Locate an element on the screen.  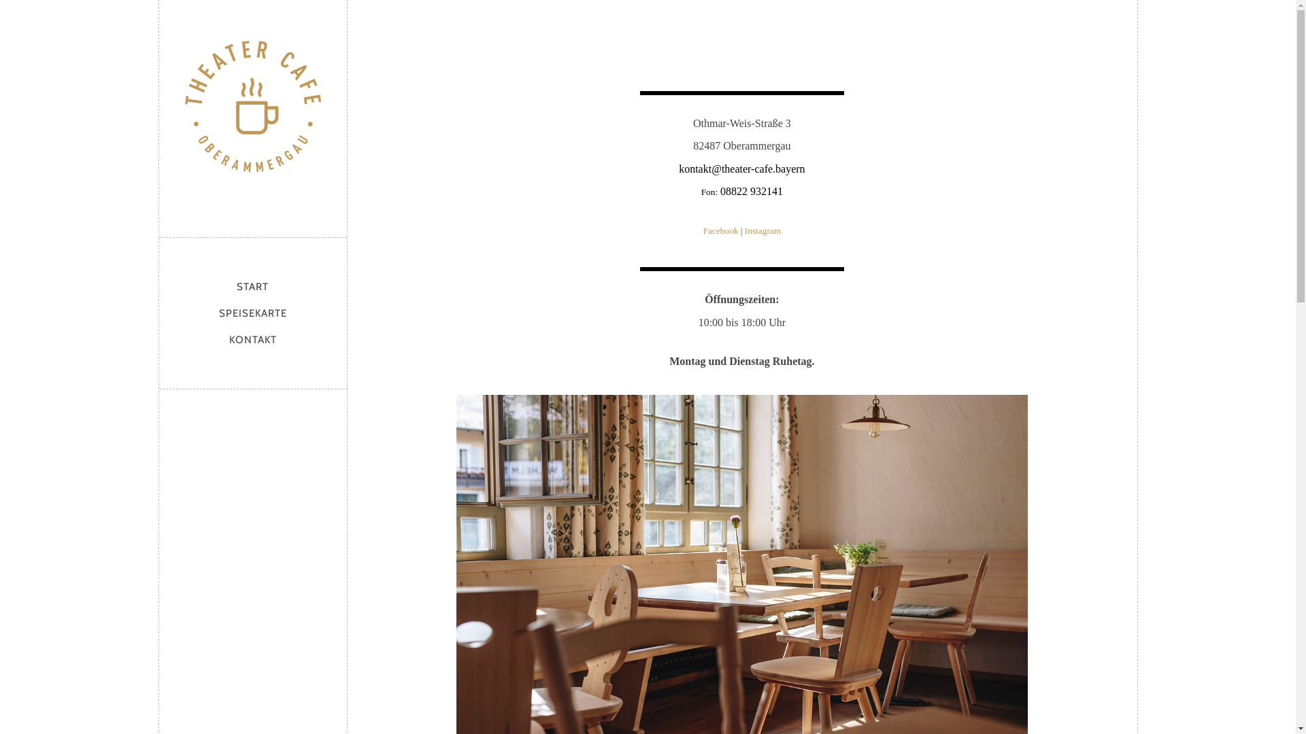
'SPEISEKARTE' is located at coordinates (253, 313).